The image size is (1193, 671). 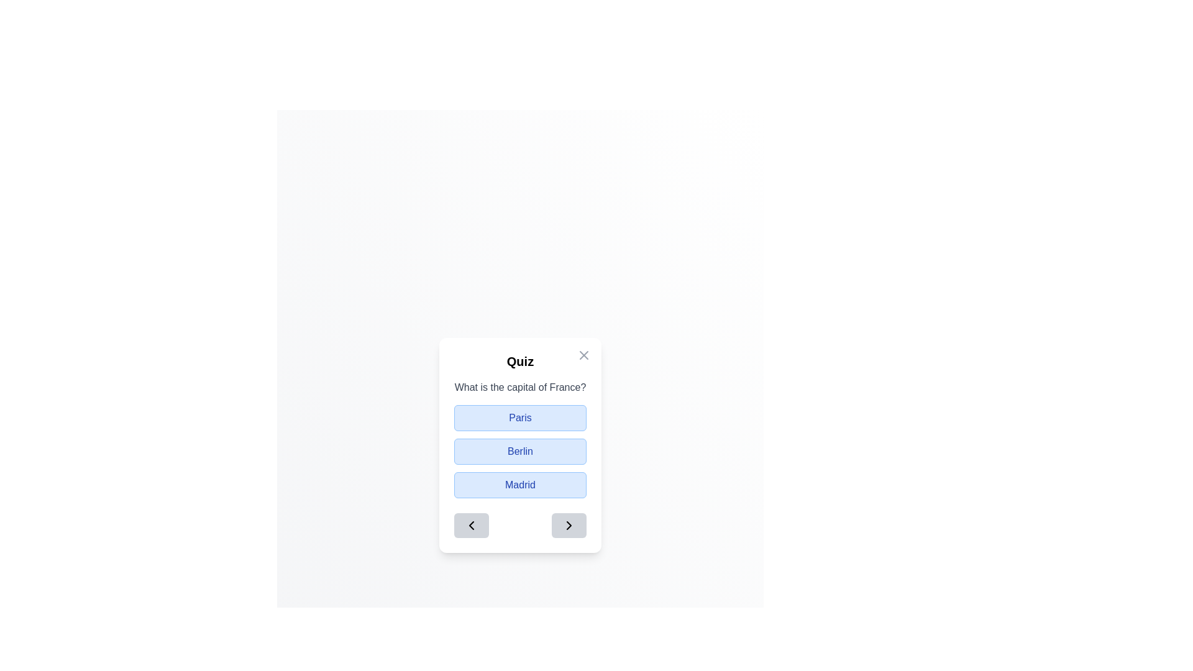 I want to click on the right-pointing chevron segment of the arrow icon located at the bottom right of the dialog box, so click(x=569, y=525).